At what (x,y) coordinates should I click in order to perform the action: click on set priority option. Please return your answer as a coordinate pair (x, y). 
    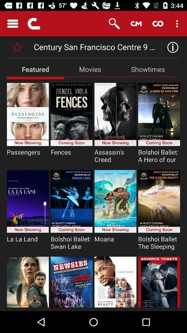
    Looking at the image, I should click on (17, 47).